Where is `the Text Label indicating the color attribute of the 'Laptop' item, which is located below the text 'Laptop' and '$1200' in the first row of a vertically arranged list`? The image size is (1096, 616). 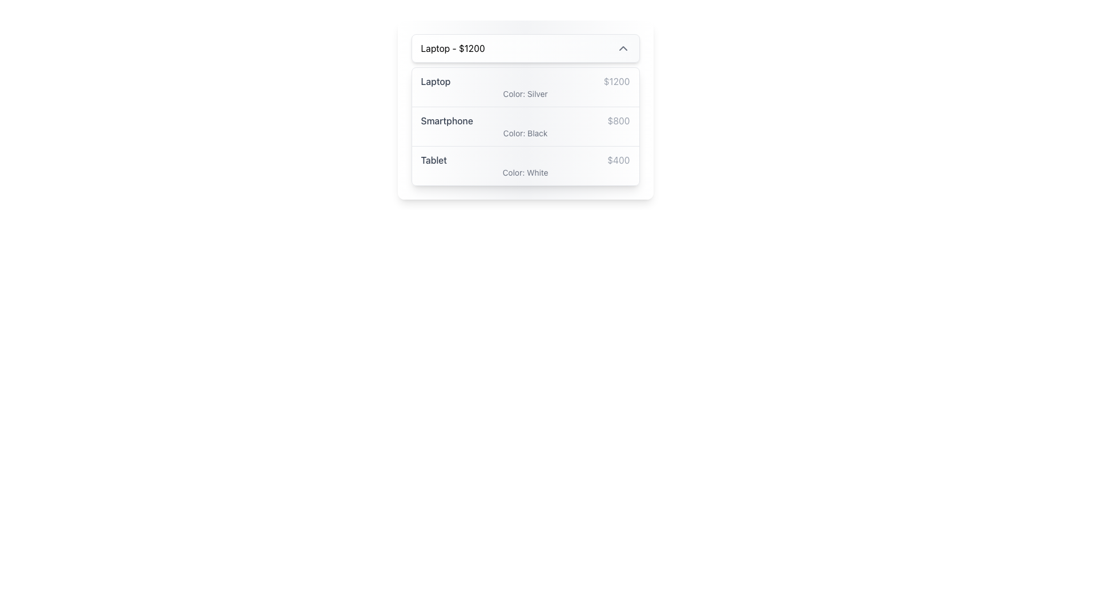
the Text Label indicating the color attribute of the 'Laptop' item, which is located below the text 'Laptop' and '$1200' in the first row of a vertically arranged list is located at coordinates (525, 94).